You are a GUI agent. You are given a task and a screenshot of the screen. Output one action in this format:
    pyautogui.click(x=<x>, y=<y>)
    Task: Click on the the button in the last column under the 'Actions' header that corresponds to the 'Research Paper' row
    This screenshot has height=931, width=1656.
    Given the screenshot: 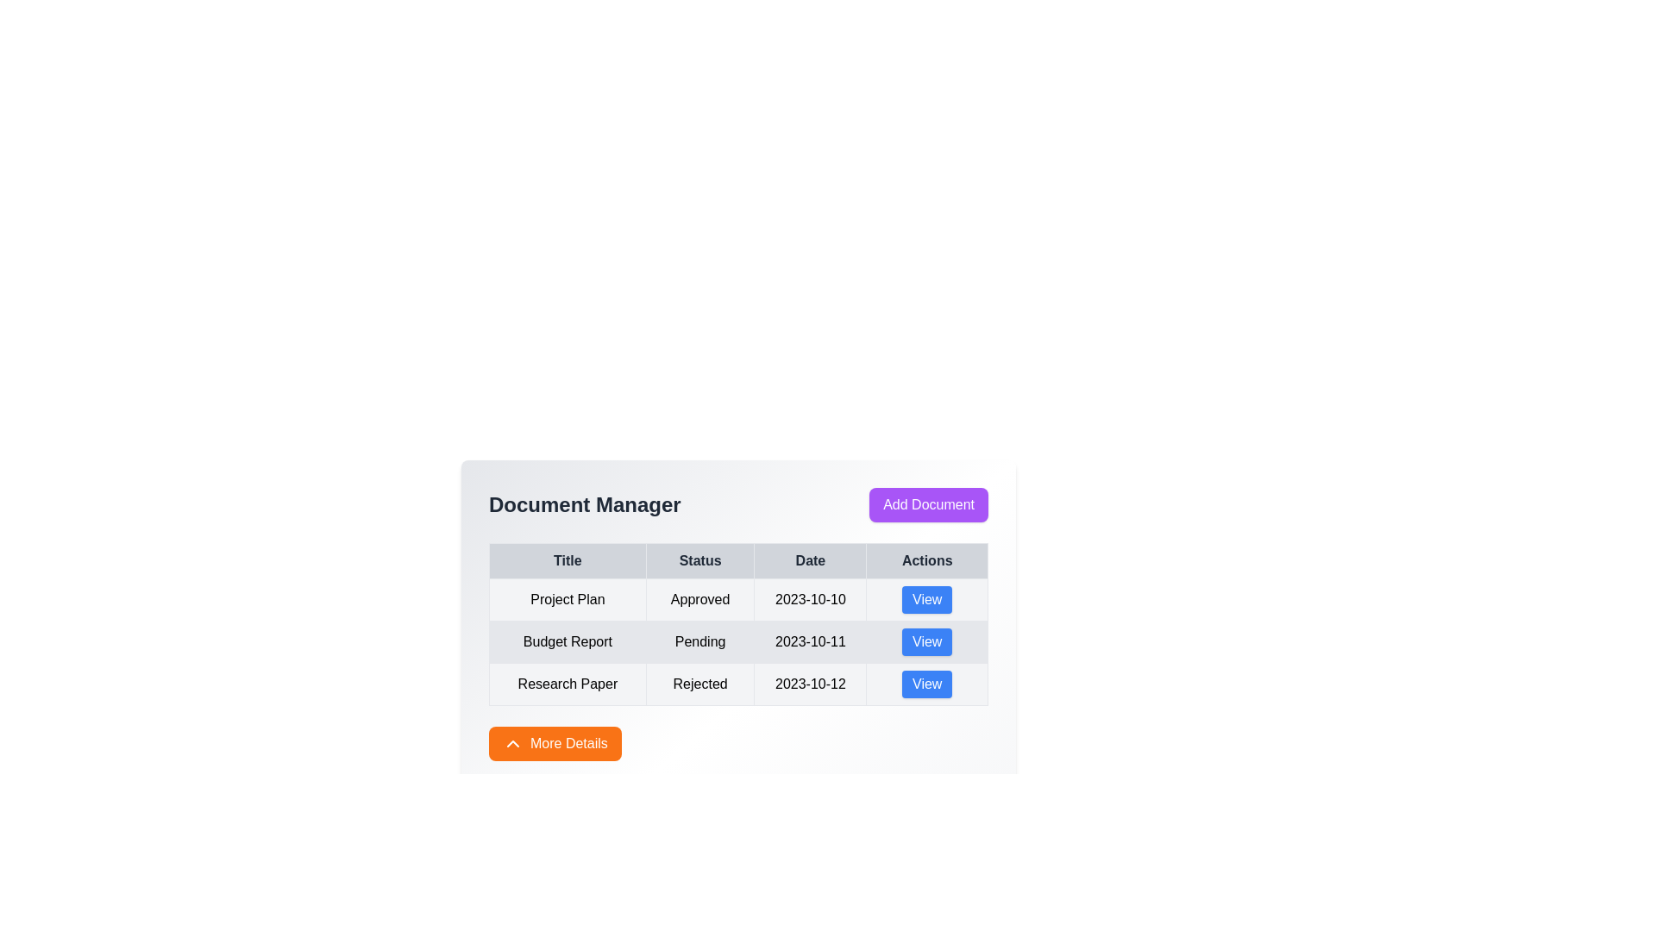 What is the action you would take?
    pyautogui.click(x=926, y=684)
    